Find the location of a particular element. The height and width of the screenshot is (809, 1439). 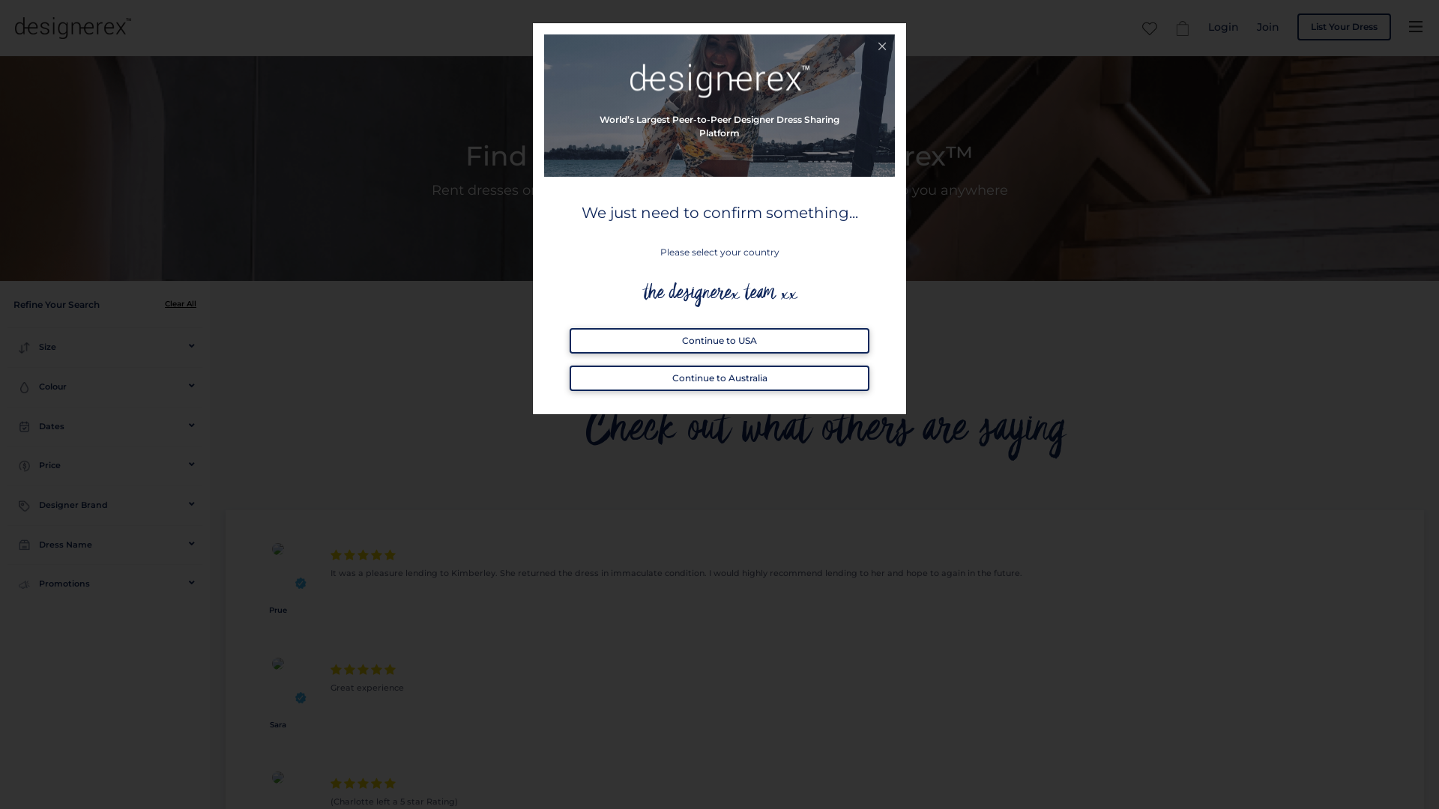

'Continue to Australia' is located at coordinates (719, 378).